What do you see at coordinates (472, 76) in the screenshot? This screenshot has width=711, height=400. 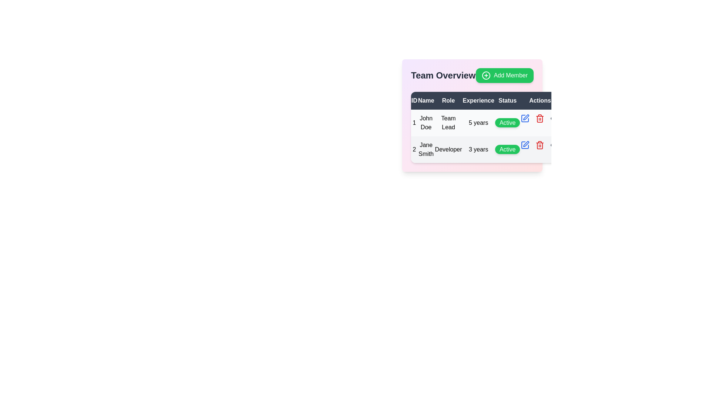 I see `the 'Add Member' button located on the right side of the 'Team Overview' section` at bounding box center [472, 76].